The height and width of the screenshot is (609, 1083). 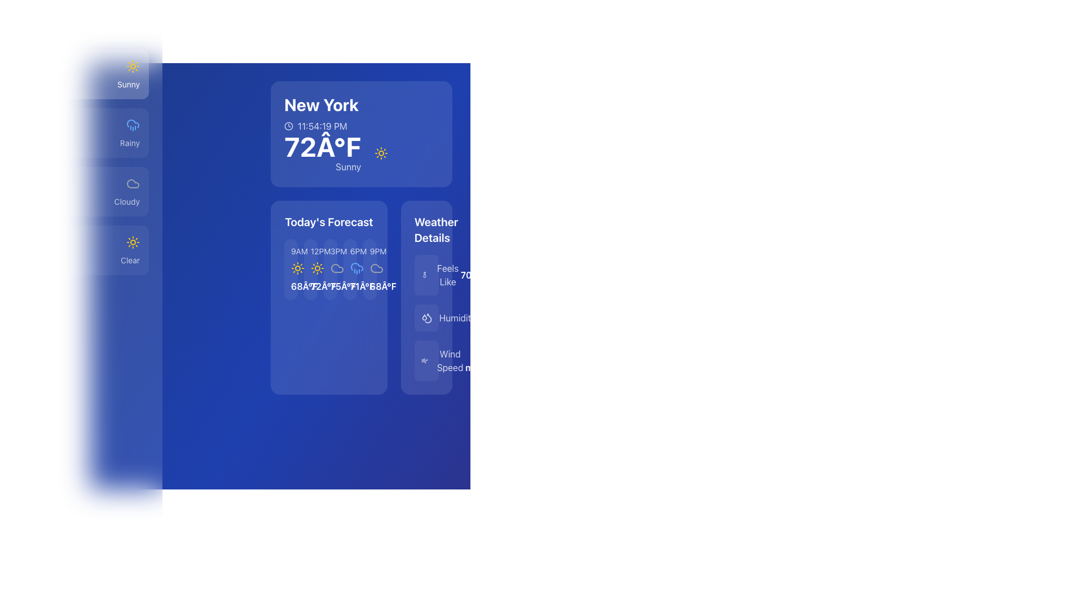 I want to click on the grid of weather information cards located in the middle section of the 'Today's Forecast' card, so click(x=328, y=270).